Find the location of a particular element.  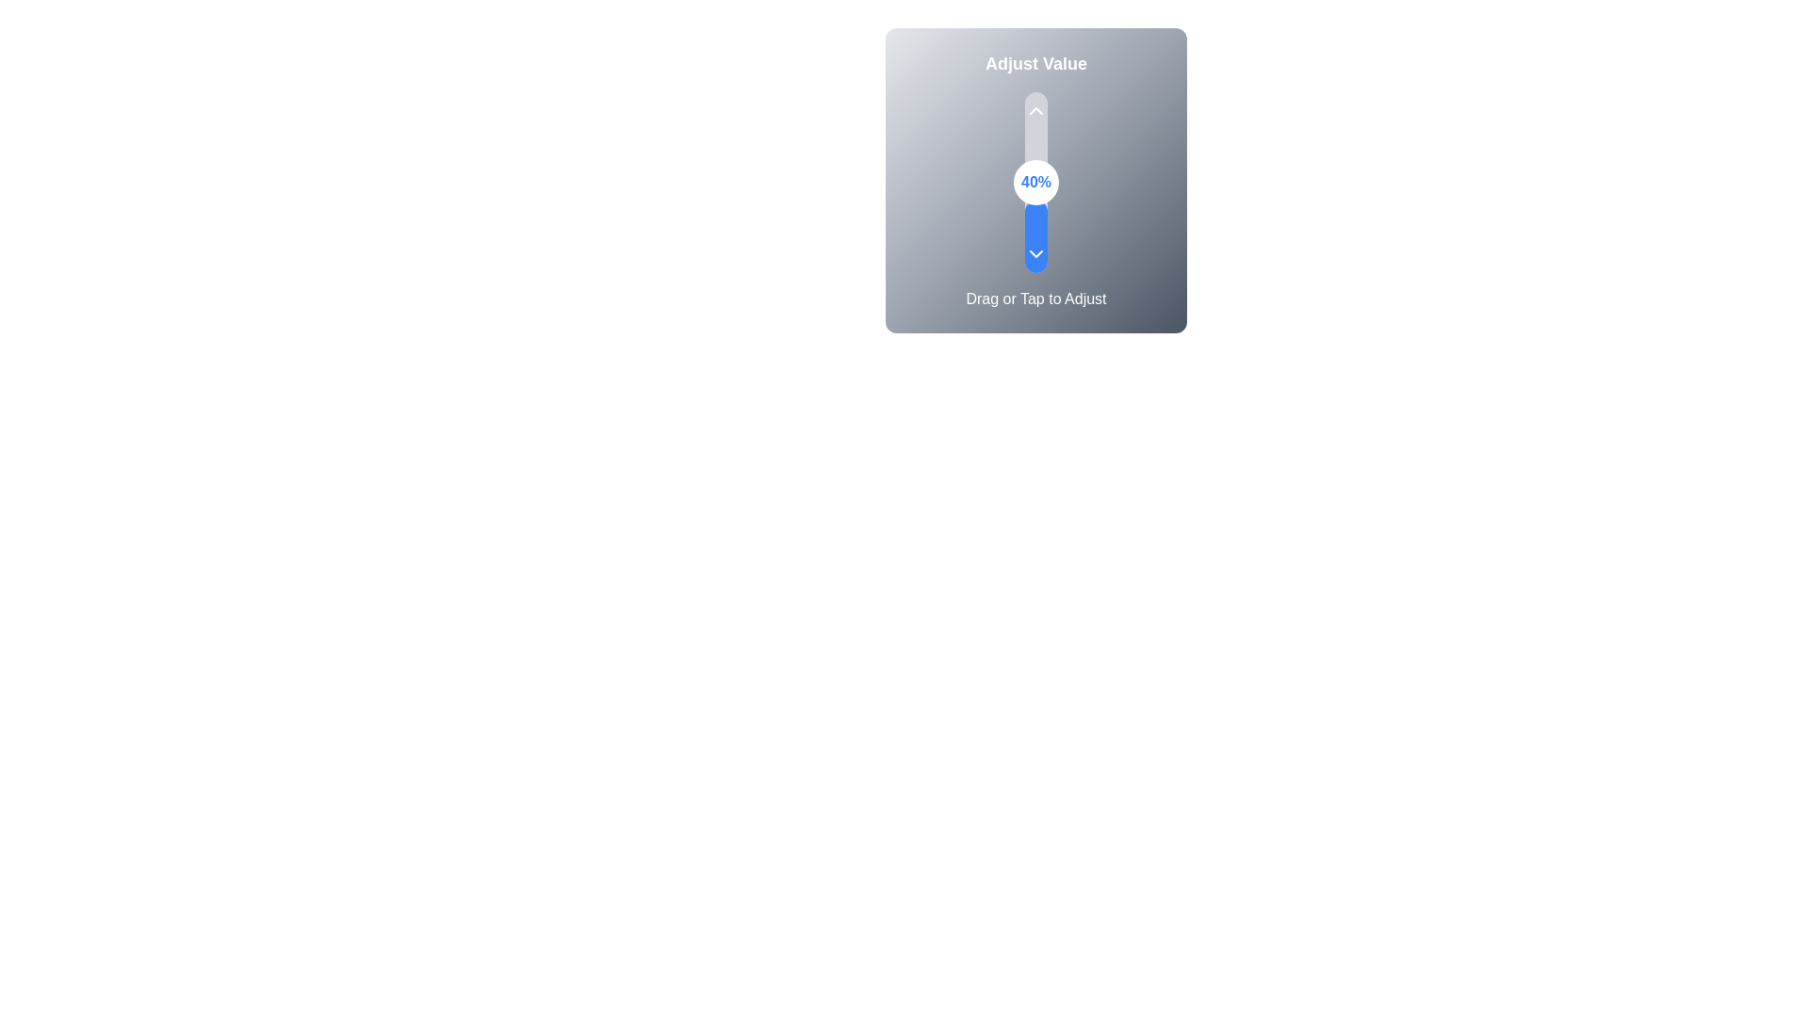

the increment button located above the central indicator displaying '40%' on the vertical slider component is located at coordinates (1035, 111).